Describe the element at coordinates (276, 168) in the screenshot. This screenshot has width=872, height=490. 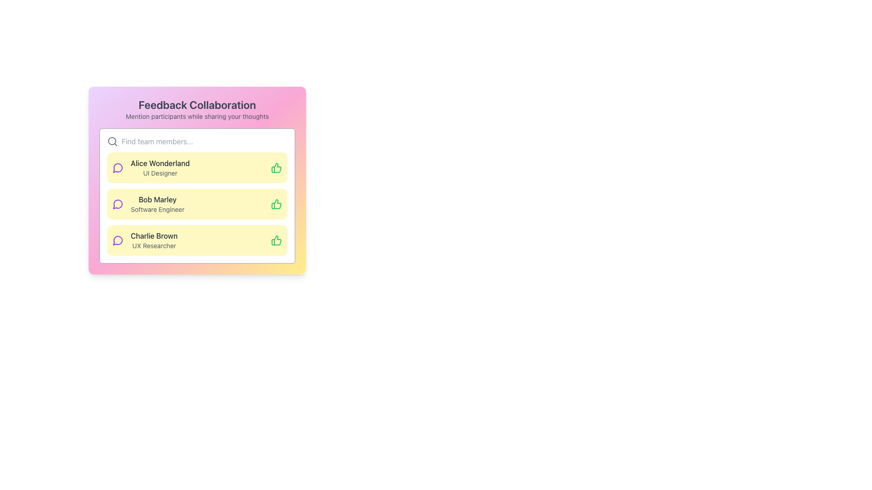
I see `the thumbs-up button for positive feedback on 'Alice Wonderland', the UI Designer, located on the far right side of the first row in the feedback list` at that location.